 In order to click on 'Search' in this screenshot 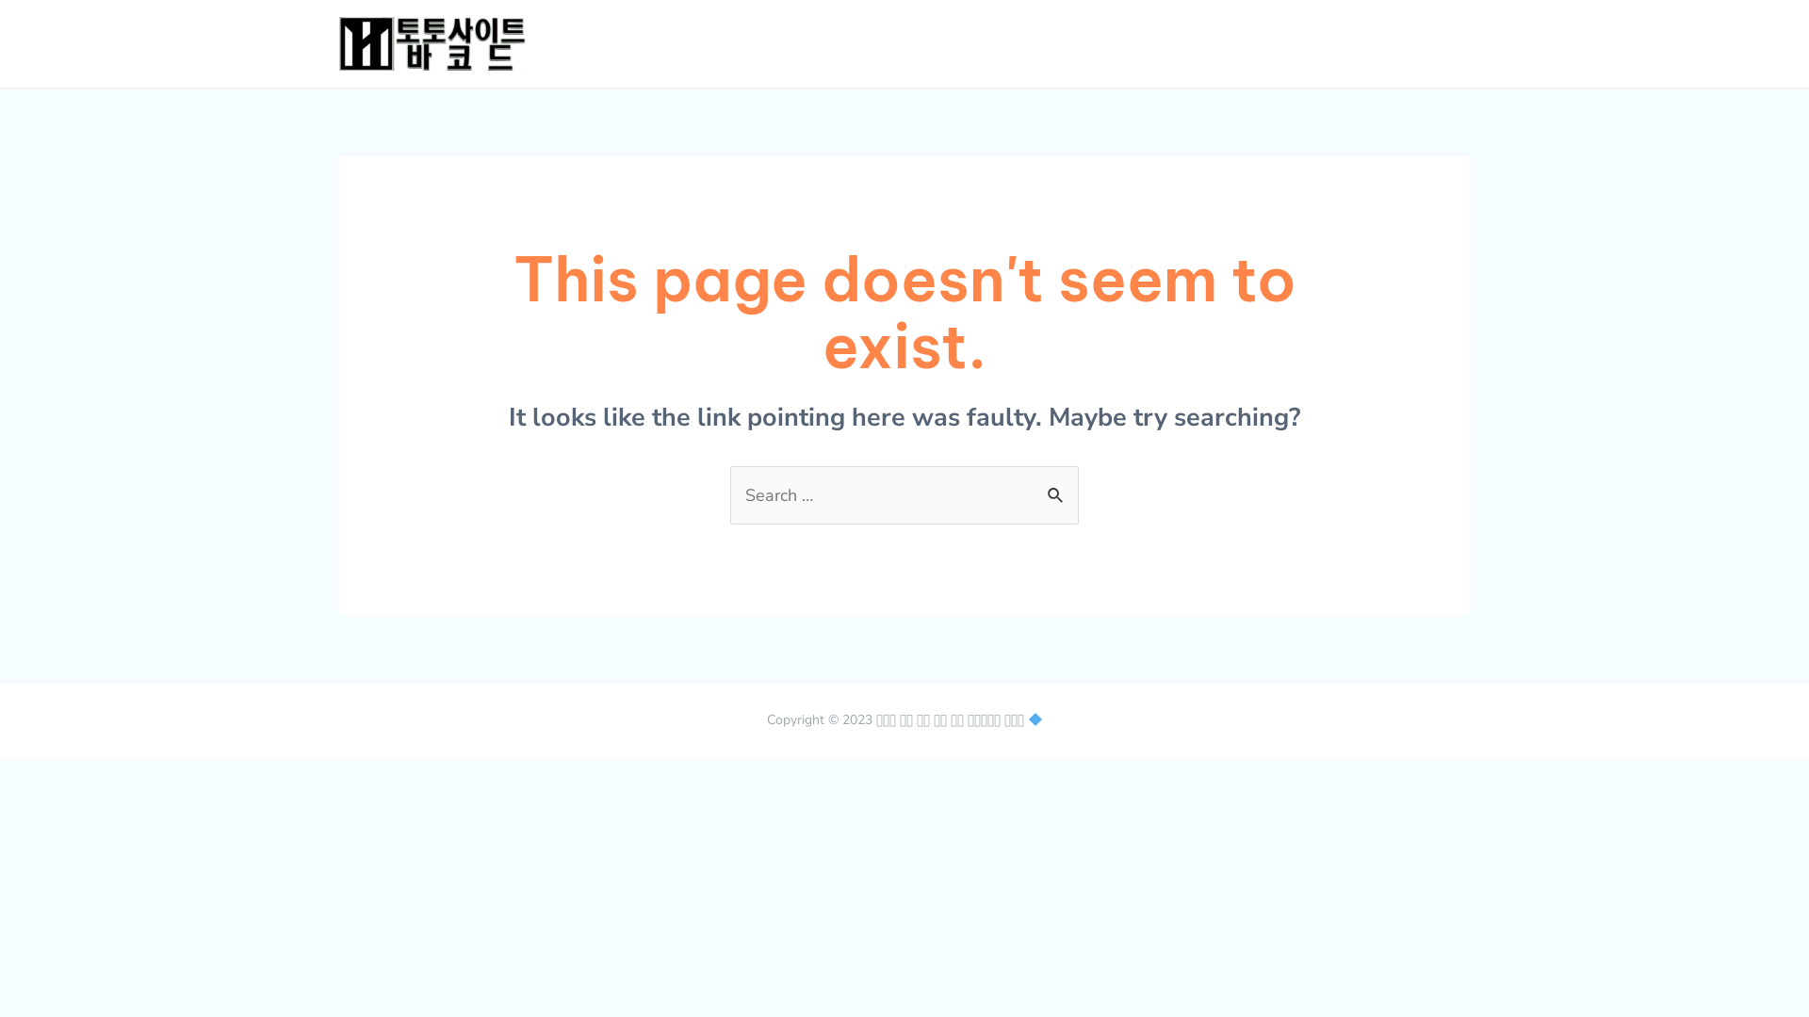, I will do `click(1057, 485)`.